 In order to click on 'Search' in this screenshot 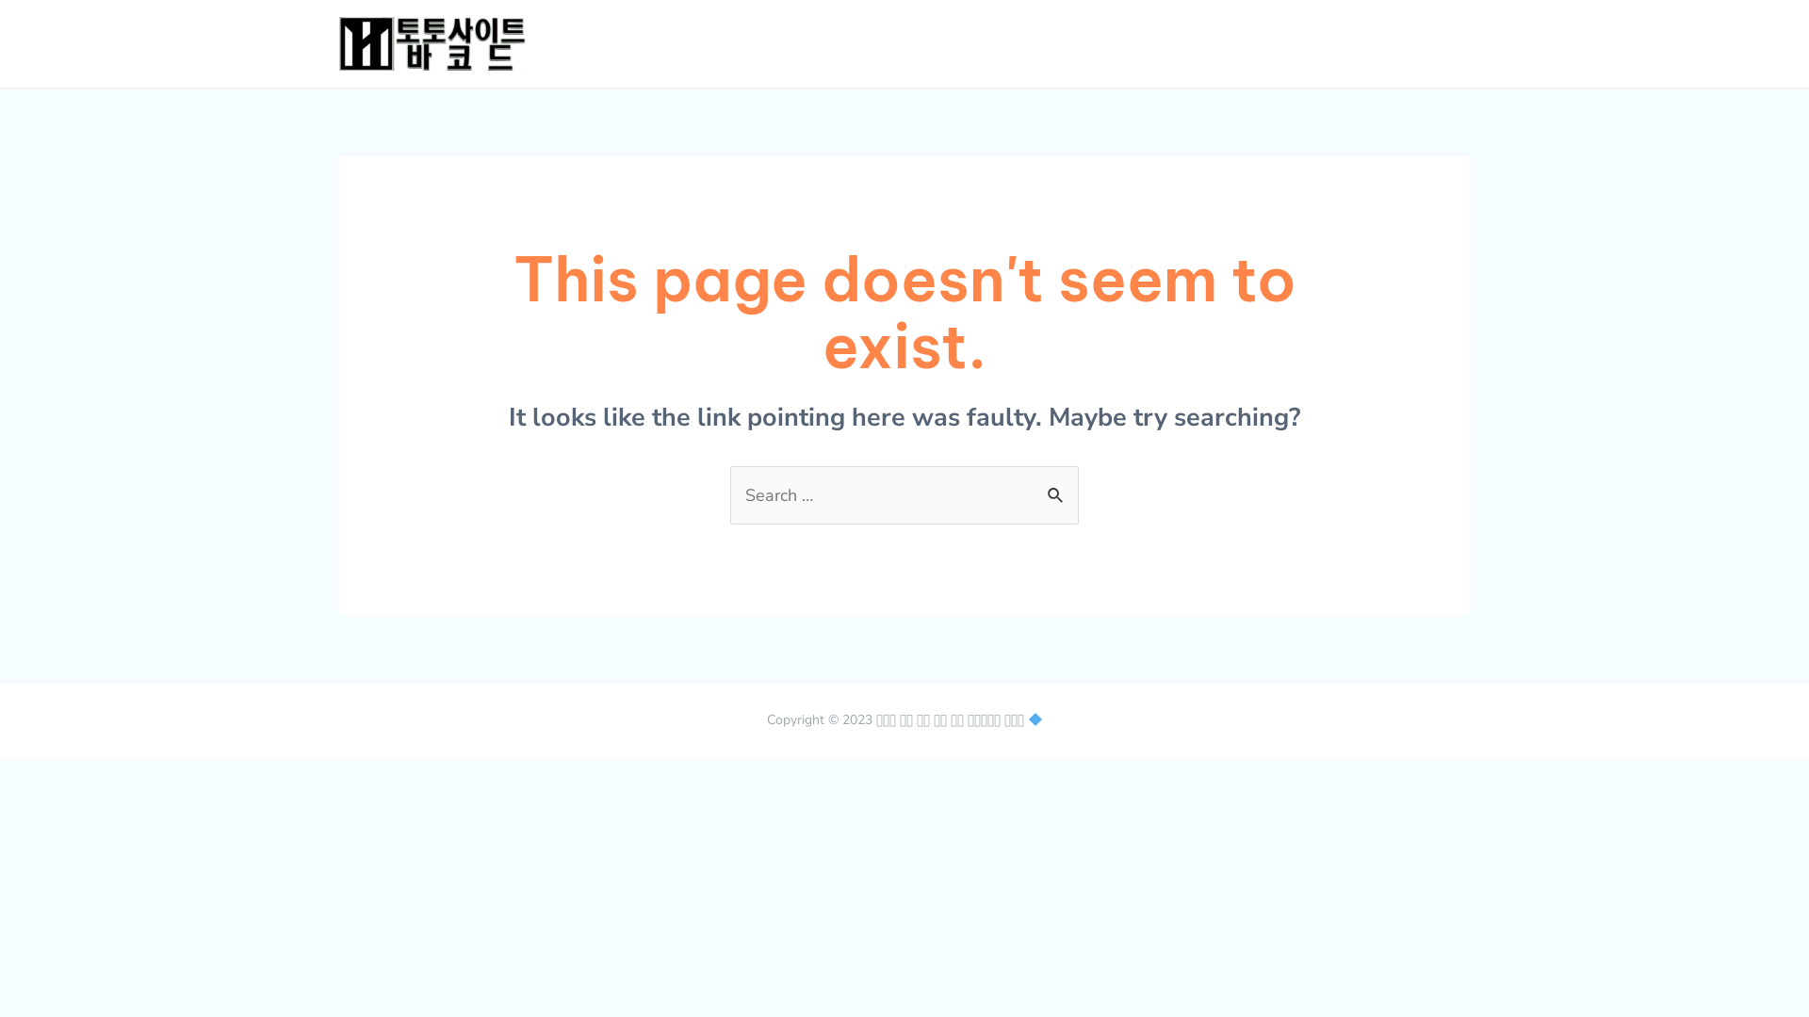, I will do `click(1057, 485)`.